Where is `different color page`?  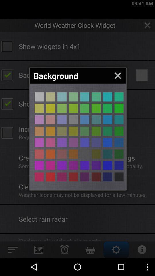
different color page is located at coordinates (73, 108).